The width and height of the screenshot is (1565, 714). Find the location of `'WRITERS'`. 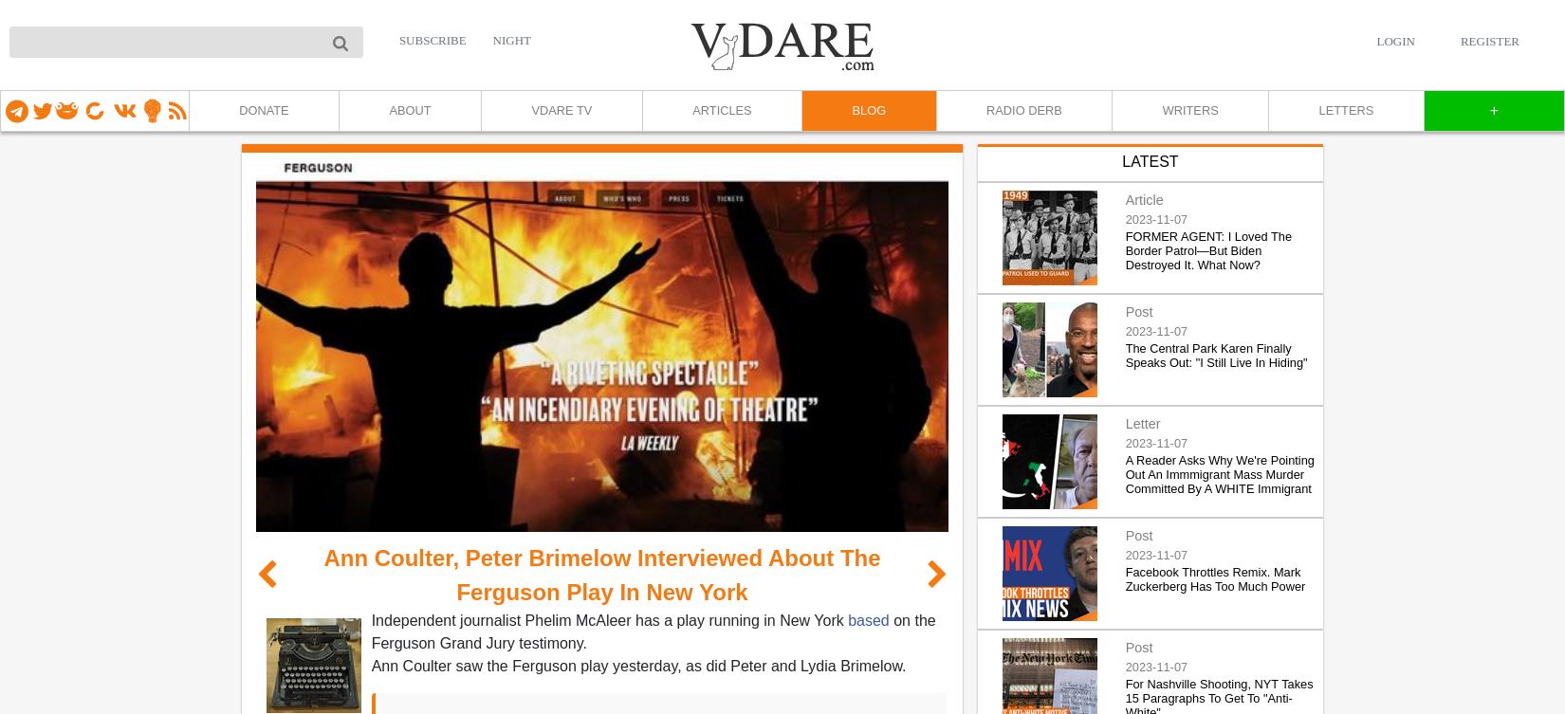

'WRITERS' is located at coordinates (1188, 110).